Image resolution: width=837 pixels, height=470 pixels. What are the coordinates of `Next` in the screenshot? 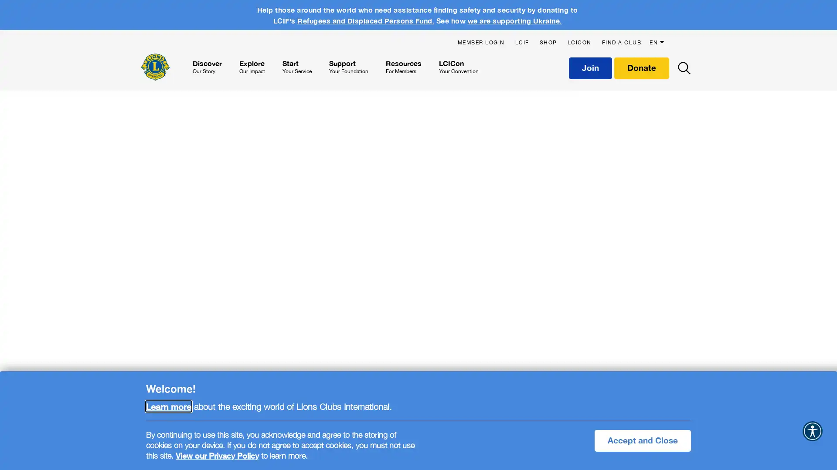 It's located at (821, 302).